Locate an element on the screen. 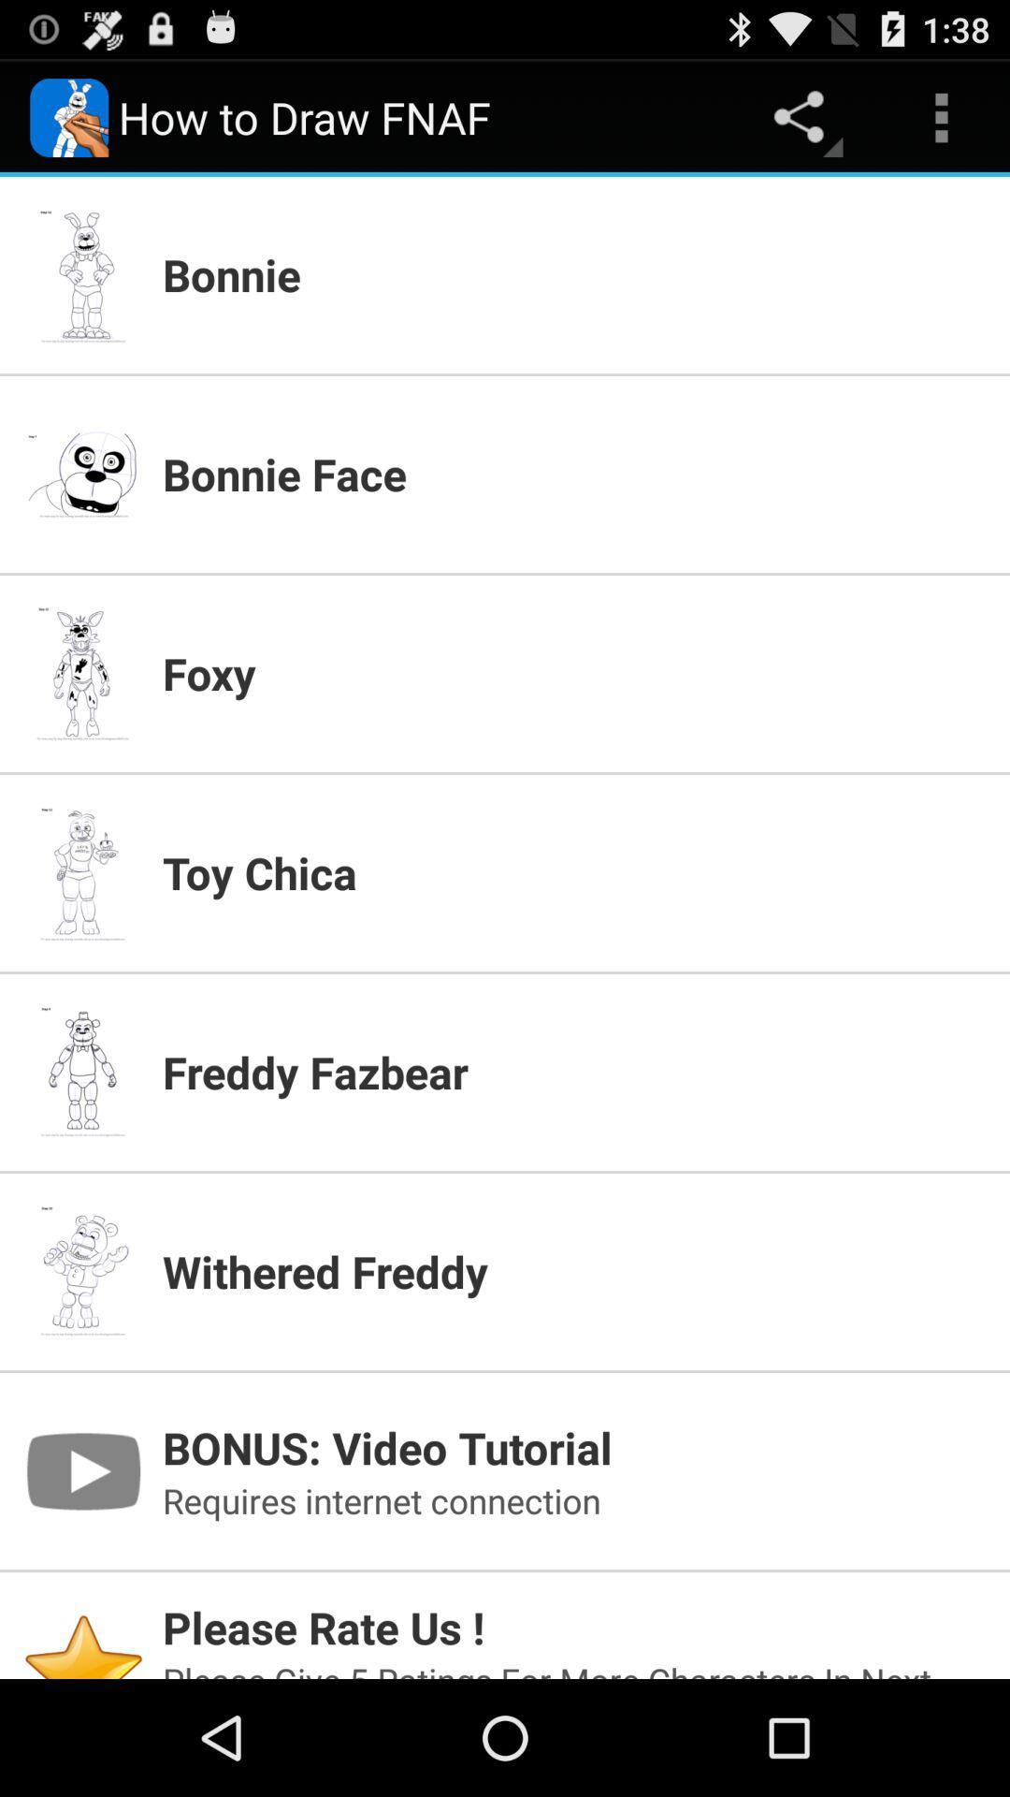  freddy fazbear app is located at coordinates (573, 1072).